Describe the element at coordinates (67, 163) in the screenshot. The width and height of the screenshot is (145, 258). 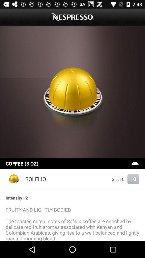
I see `coffee (8 oz)` at that location.